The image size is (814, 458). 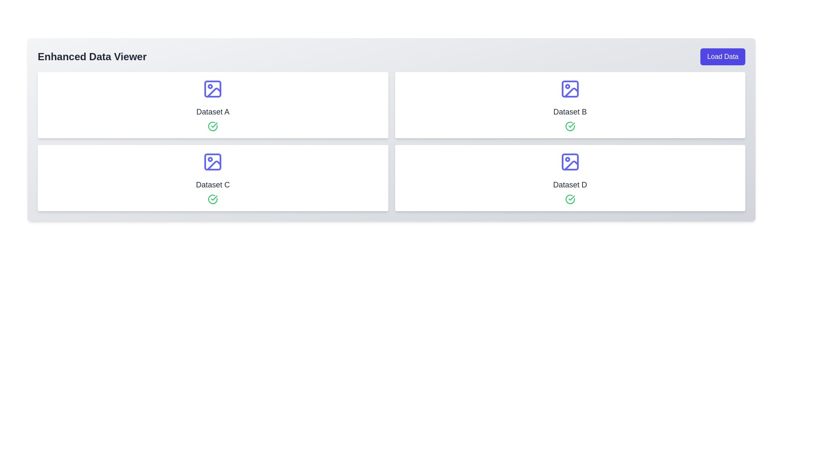 I want to click on the Text label displaying the name of a dataset located in the second card from the left in the top row of the interface, so click(x=570, y=111).